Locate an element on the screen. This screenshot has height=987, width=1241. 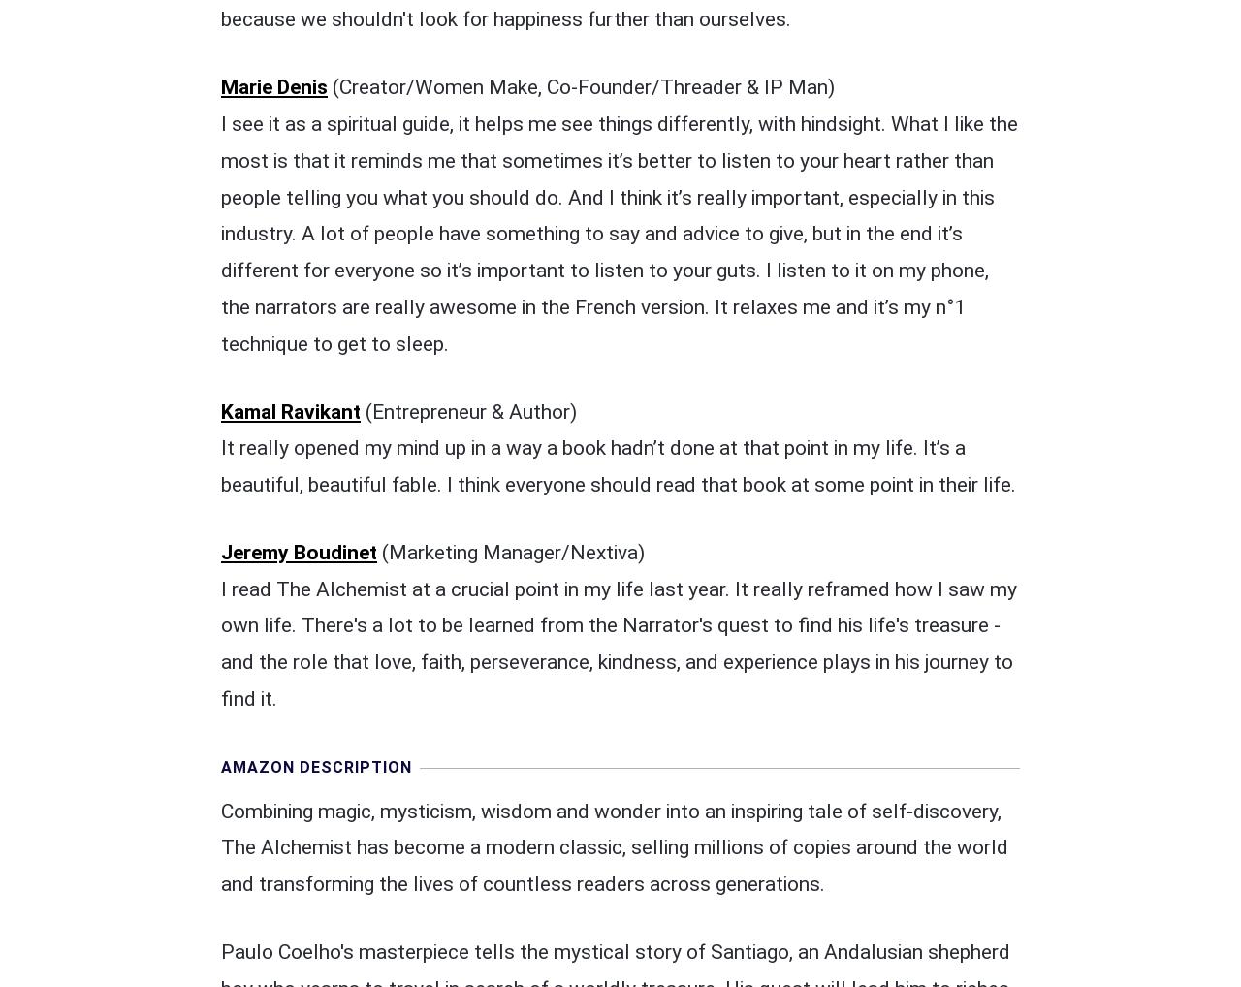
'Get this book on' is located at coordinates (529, 817).